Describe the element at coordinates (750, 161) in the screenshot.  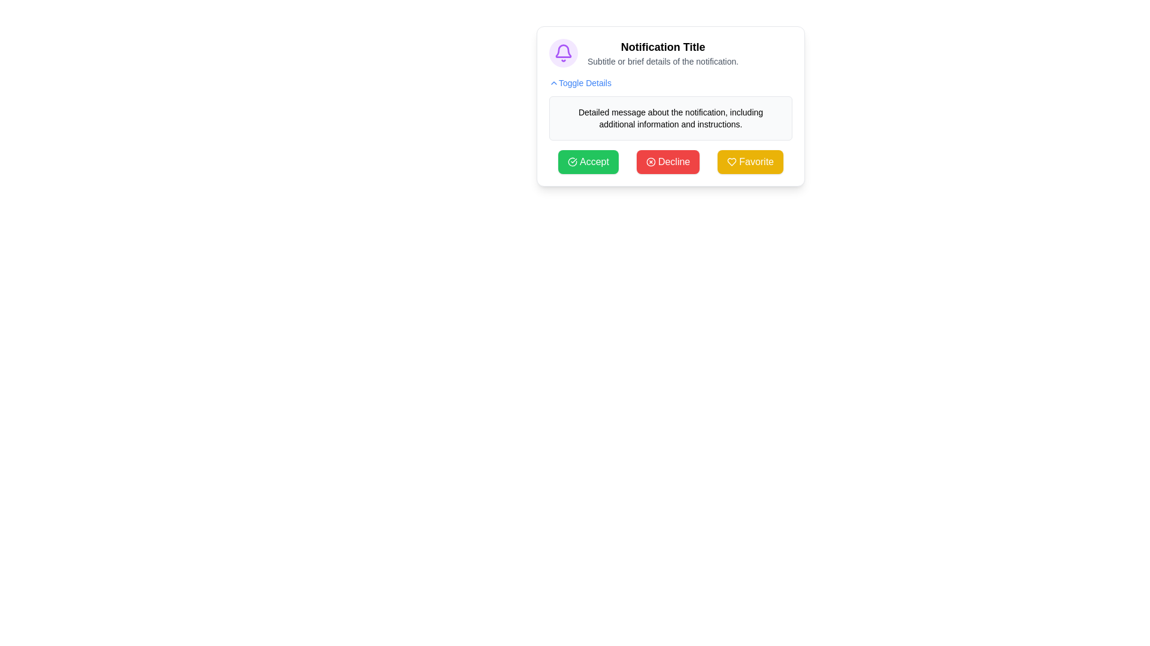
I see `the 'Favorite' button, which is a rectangular button with a yellow background and white text, located in the notification panel near the center of the interface` at that location.